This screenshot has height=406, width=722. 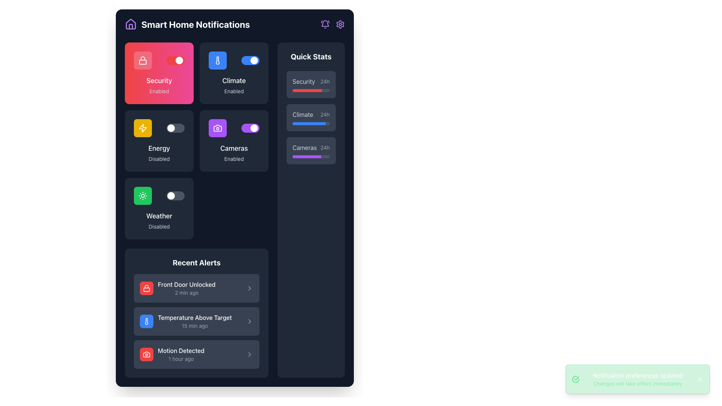 I want to click on the 'Energy' icon in the smart home notifications panel, located in the first column, second row of the grid, so click(x=143, y=127).